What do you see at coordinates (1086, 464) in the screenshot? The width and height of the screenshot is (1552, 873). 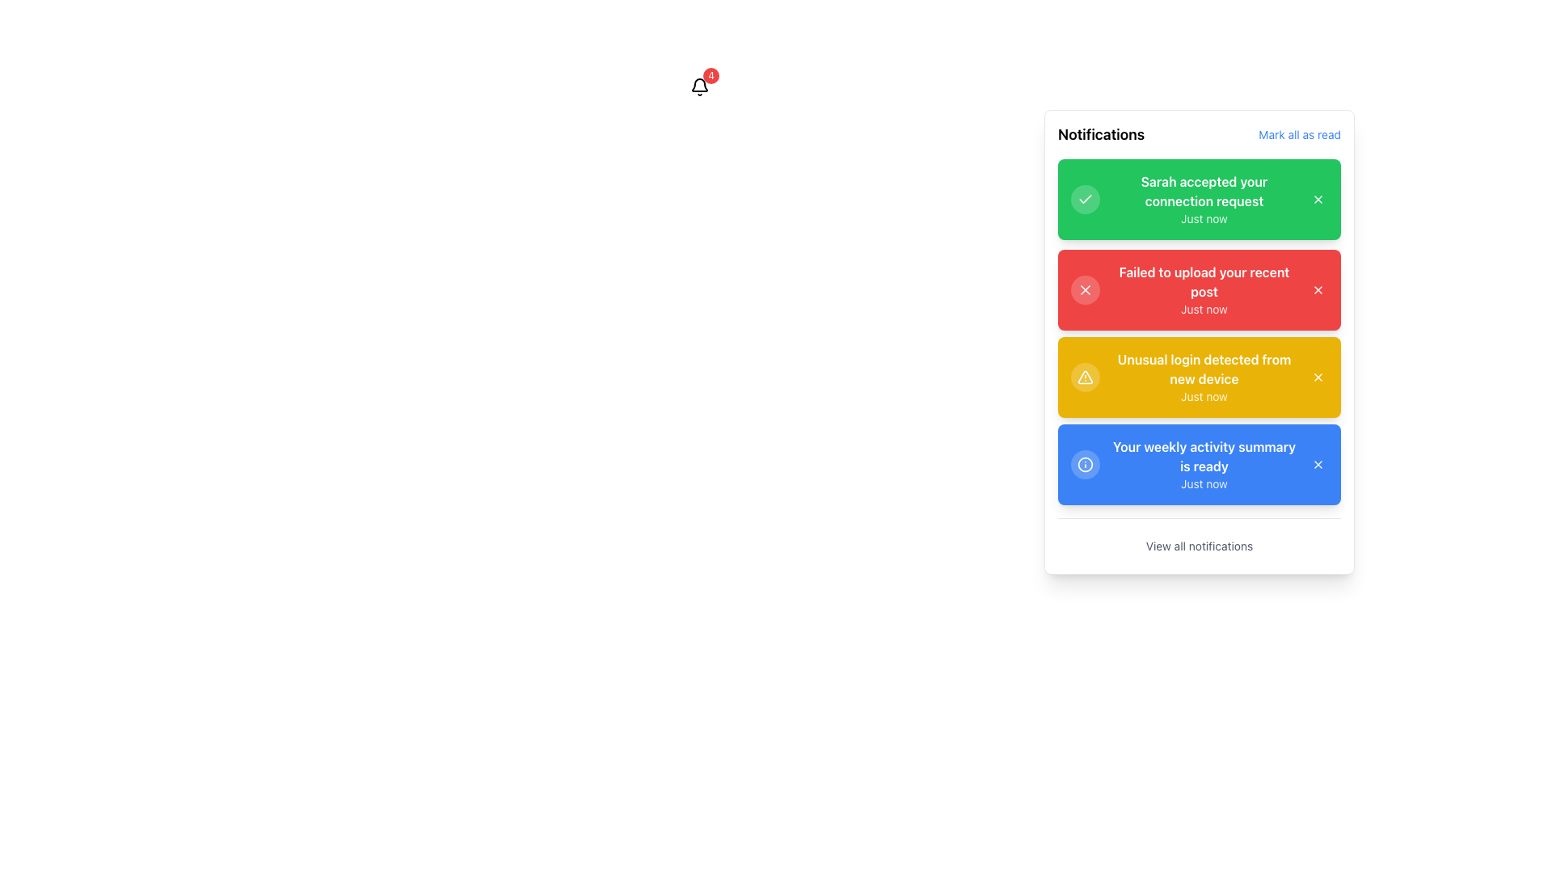 I see `the Icon indicator located in the left-middle section of the blue notification card titled 'Your weekly activity summary is ready'` at bounding box center [1086, 464].